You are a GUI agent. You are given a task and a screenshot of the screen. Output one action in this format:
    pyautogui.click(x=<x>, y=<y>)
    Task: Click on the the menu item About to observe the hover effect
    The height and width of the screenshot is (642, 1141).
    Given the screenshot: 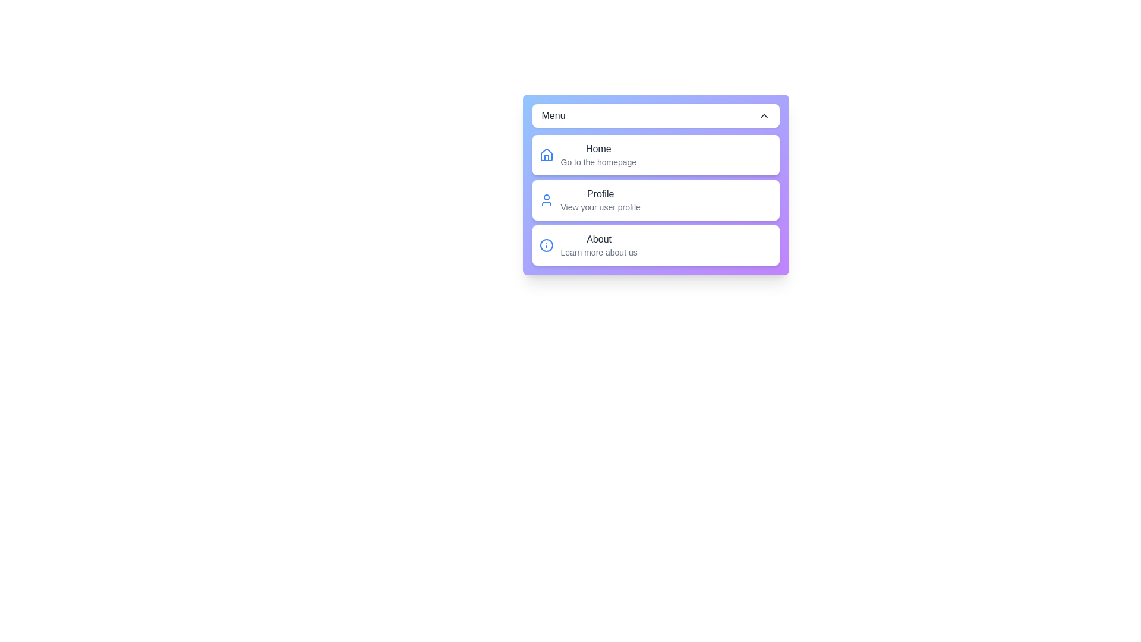 What is the action you would take?
    pyautogui.click(x=655, y=244)
    